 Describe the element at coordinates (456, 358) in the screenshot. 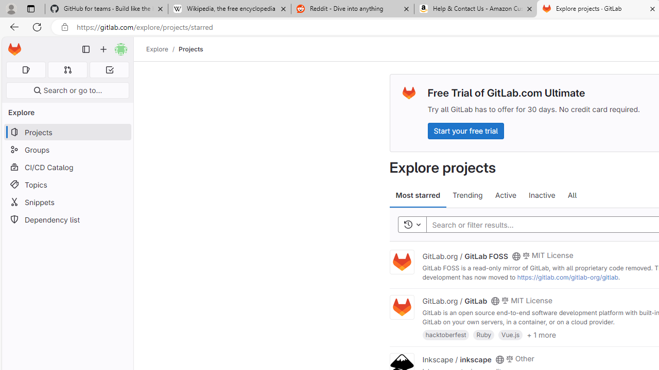

I see `'Inkscape / inkscape'` at that location.